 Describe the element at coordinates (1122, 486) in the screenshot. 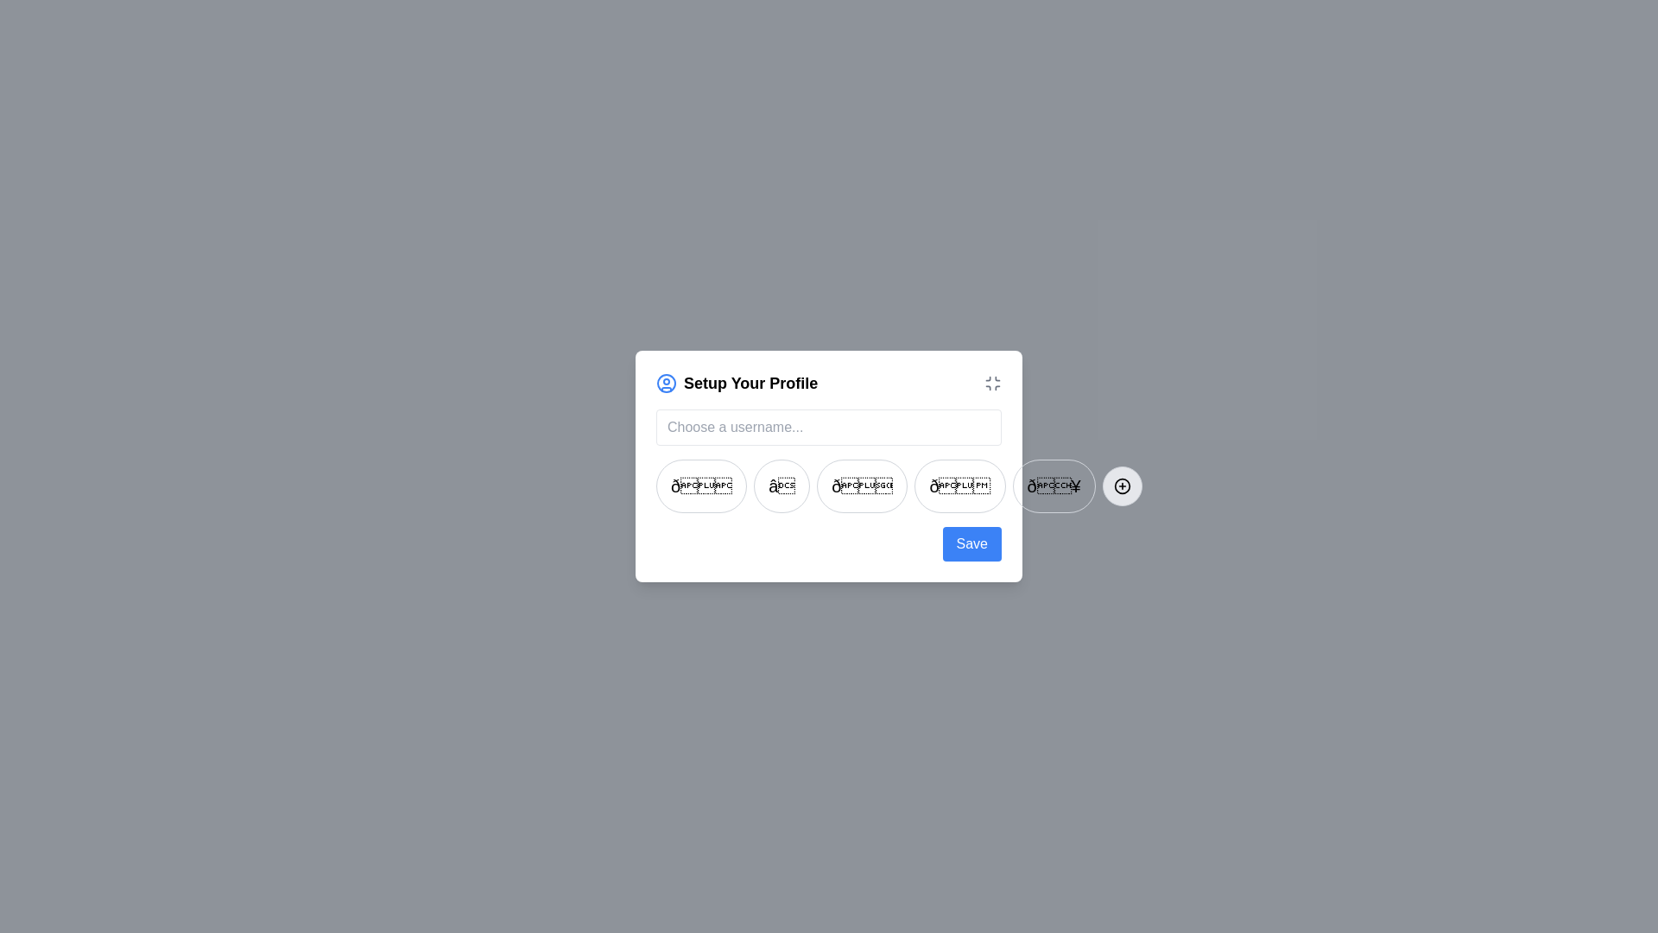

I see `the 'circle plus' icon which features a bold outline and a centrally aligned plus sign, located to the right of user profiles and next to the save button` at that location.